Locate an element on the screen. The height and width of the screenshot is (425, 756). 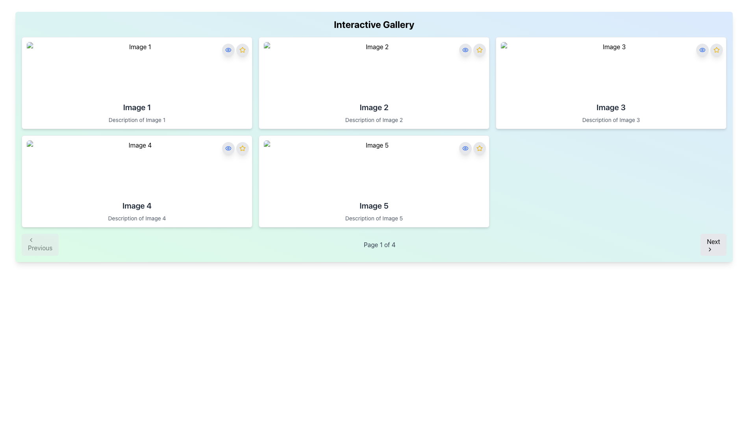
the Text Label located directly below the bold title text 'Image 1' in the top-left card of a 2x3 grid layout is located at coordinates (137, 120).